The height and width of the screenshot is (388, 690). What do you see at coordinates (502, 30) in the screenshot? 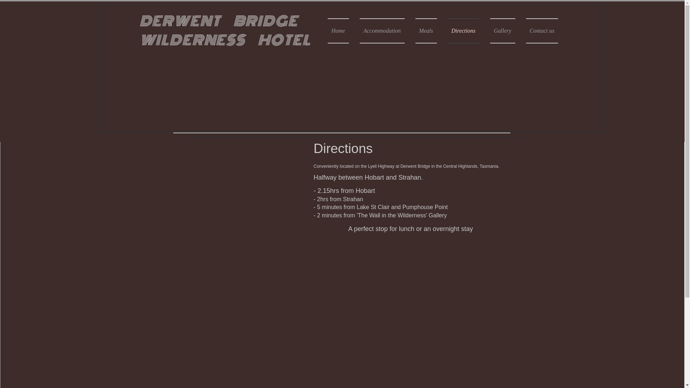
I see `'Gallery'` at bounding box center [502, 30].